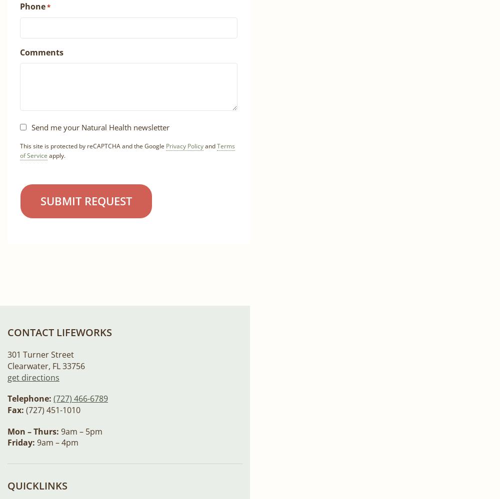 The image size is (500, 499). What do you see at coordinates (20, 6) in the screenshot?
I see `'Phone'` at bounding box center [20, 6].